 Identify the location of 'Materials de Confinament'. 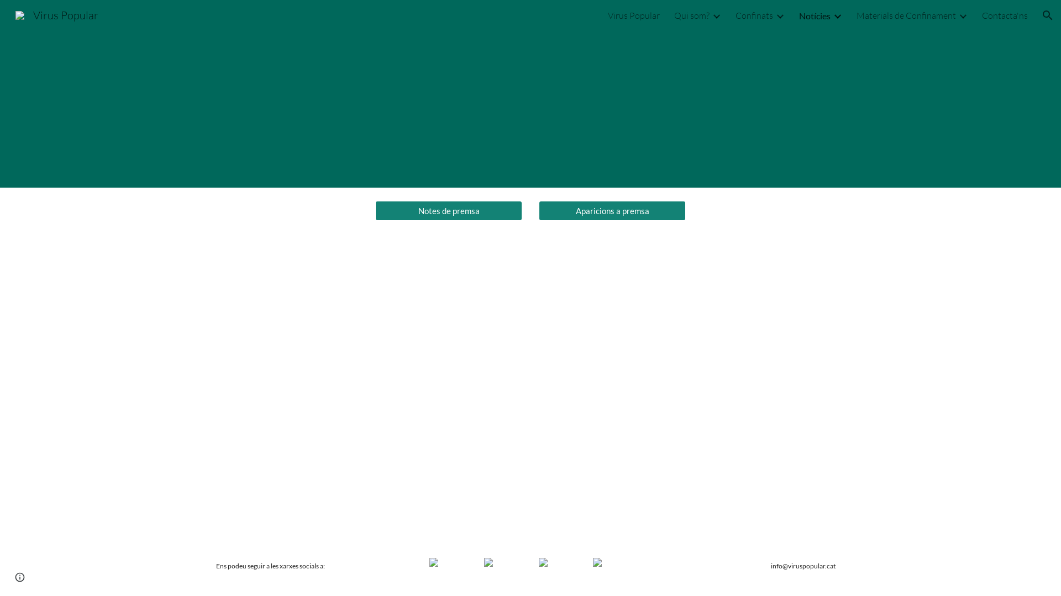
(856, 15).